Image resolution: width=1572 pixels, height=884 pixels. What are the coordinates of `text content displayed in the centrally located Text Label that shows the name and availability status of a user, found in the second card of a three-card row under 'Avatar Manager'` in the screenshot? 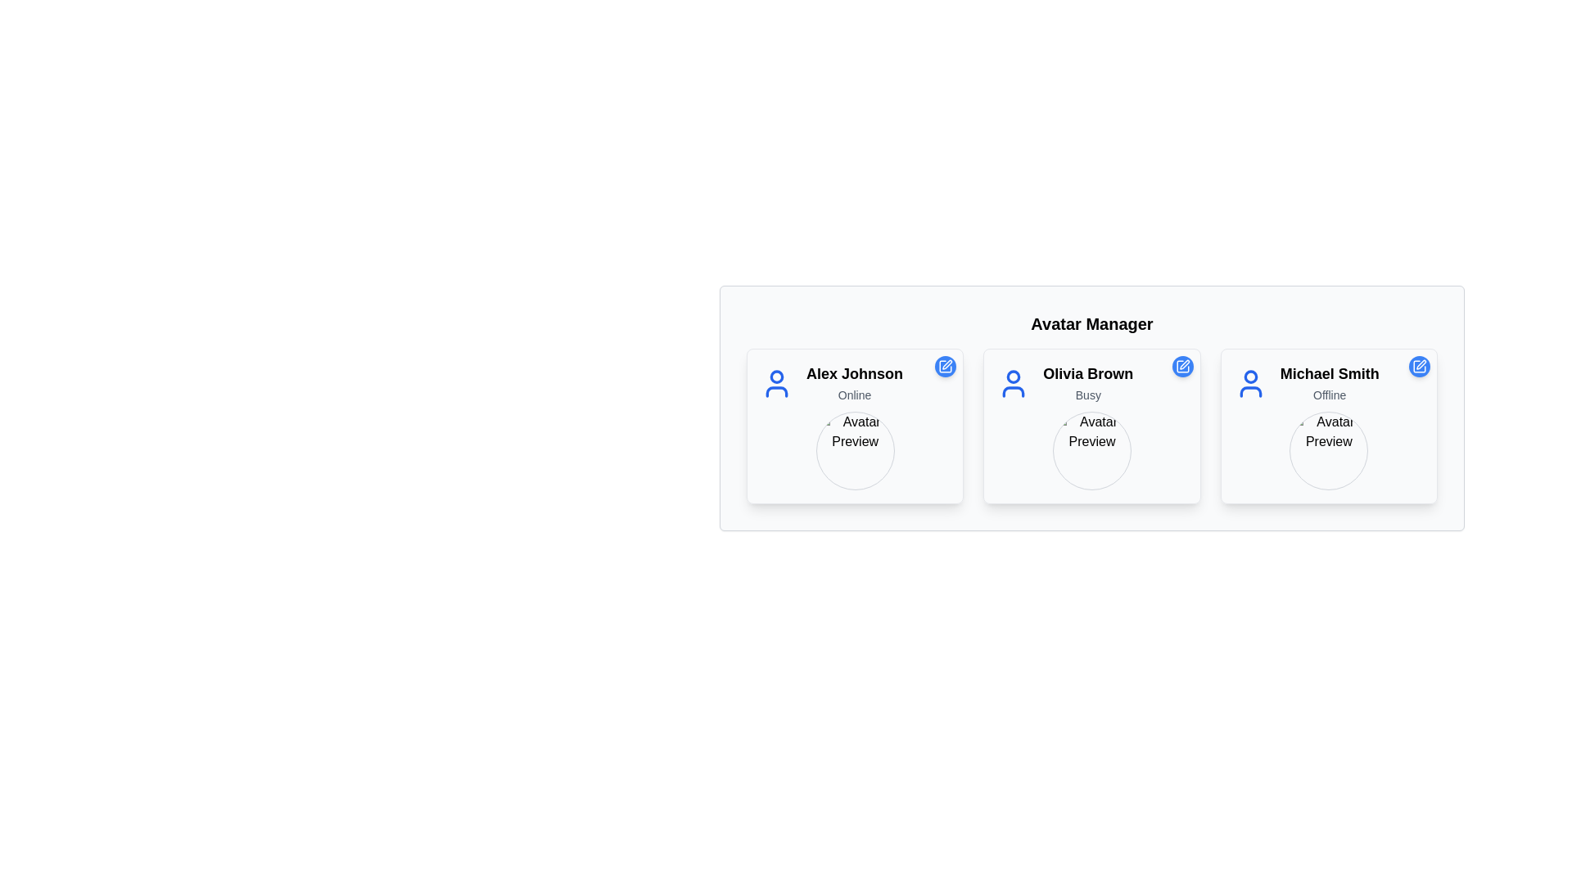 It's located at (1088, 384).